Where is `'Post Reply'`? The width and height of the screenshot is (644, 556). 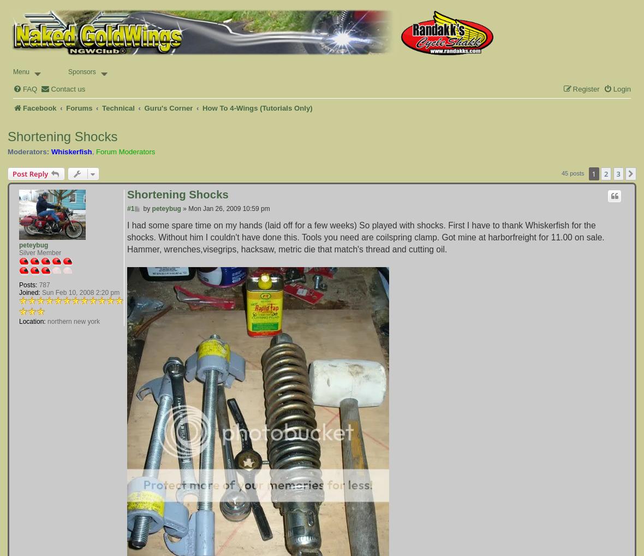
'Post Reply' is located at coordinates (29, 173).